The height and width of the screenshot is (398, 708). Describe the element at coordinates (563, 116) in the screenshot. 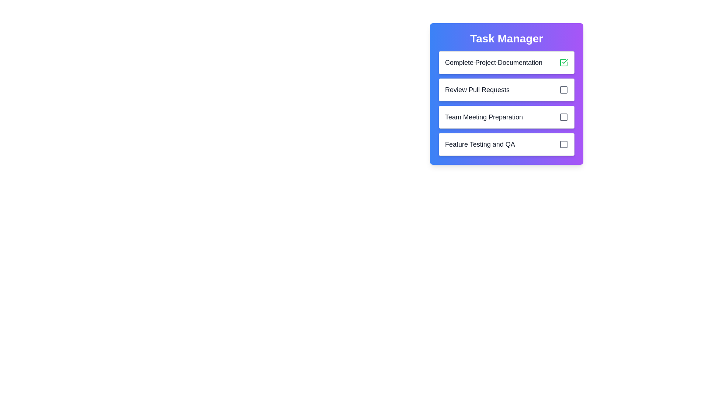

I see `the checkbox-like status indicator for the task 'Team Meeting Preparation', located in the third row of the task list` at that location.